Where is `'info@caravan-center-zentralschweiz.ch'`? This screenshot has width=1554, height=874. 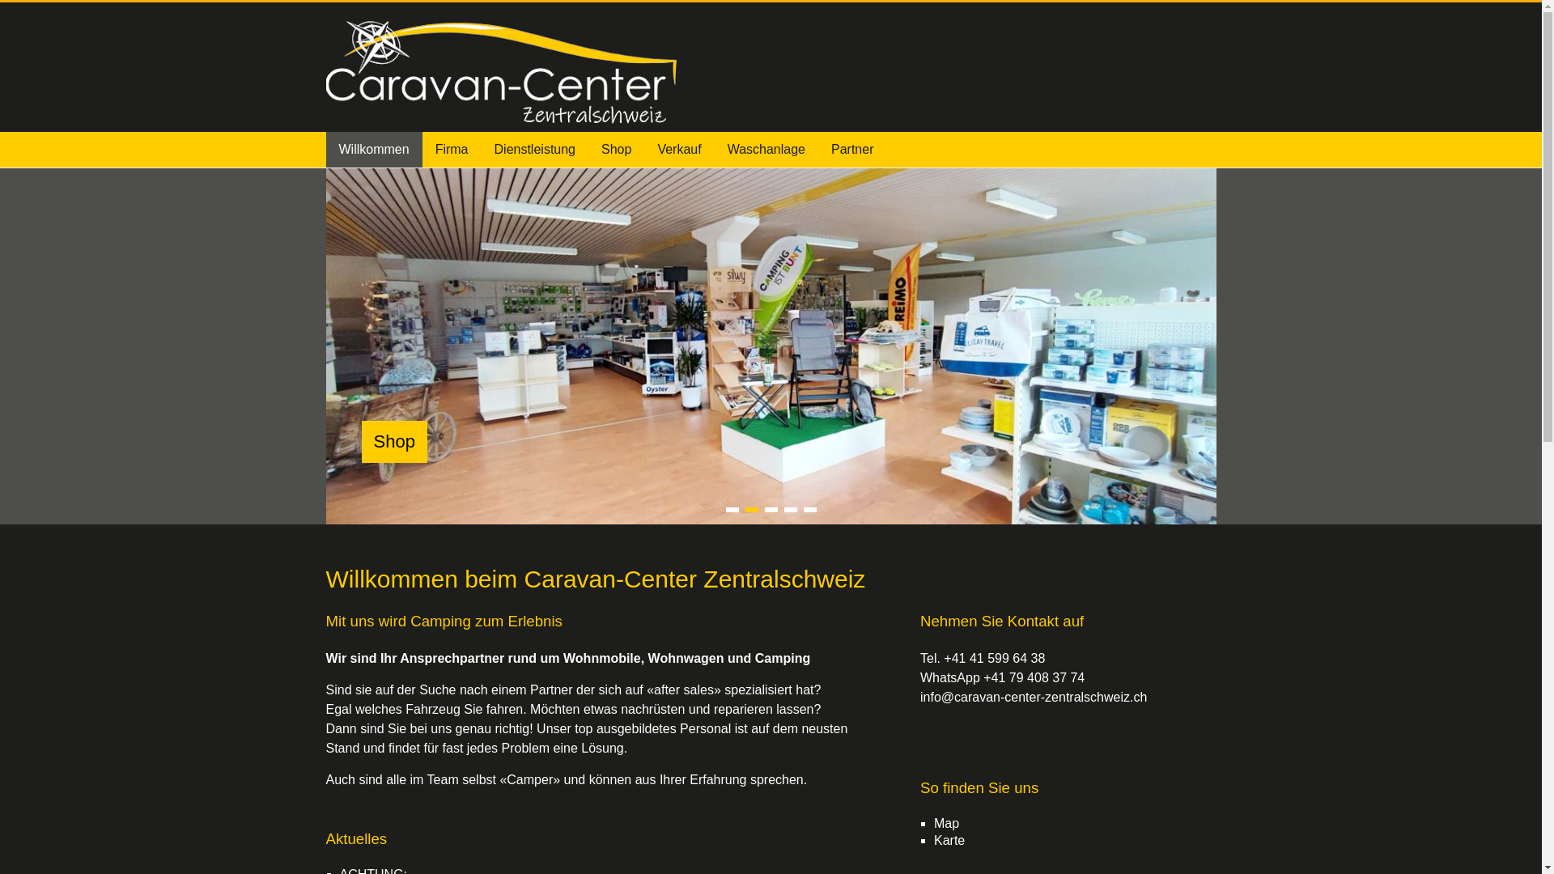
'info@caravan-center-zentralschweiz.ch' is located at coordinates (1032, 696).